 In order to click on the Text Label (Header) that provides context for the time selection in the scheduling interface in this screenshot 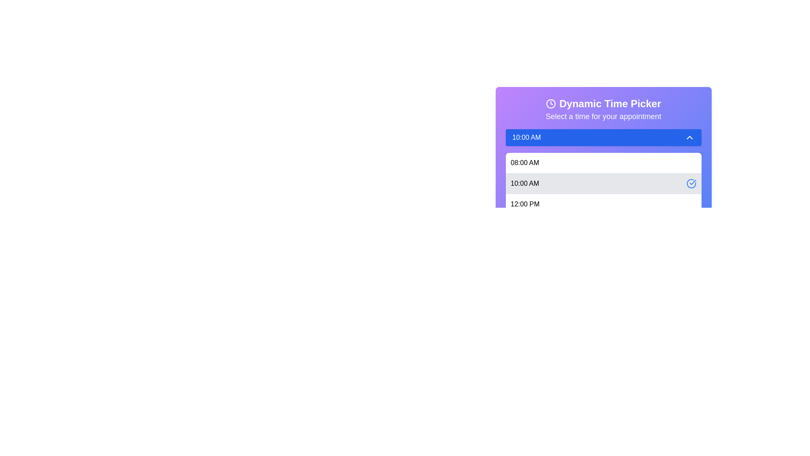, I will do `click(610, 103)`.